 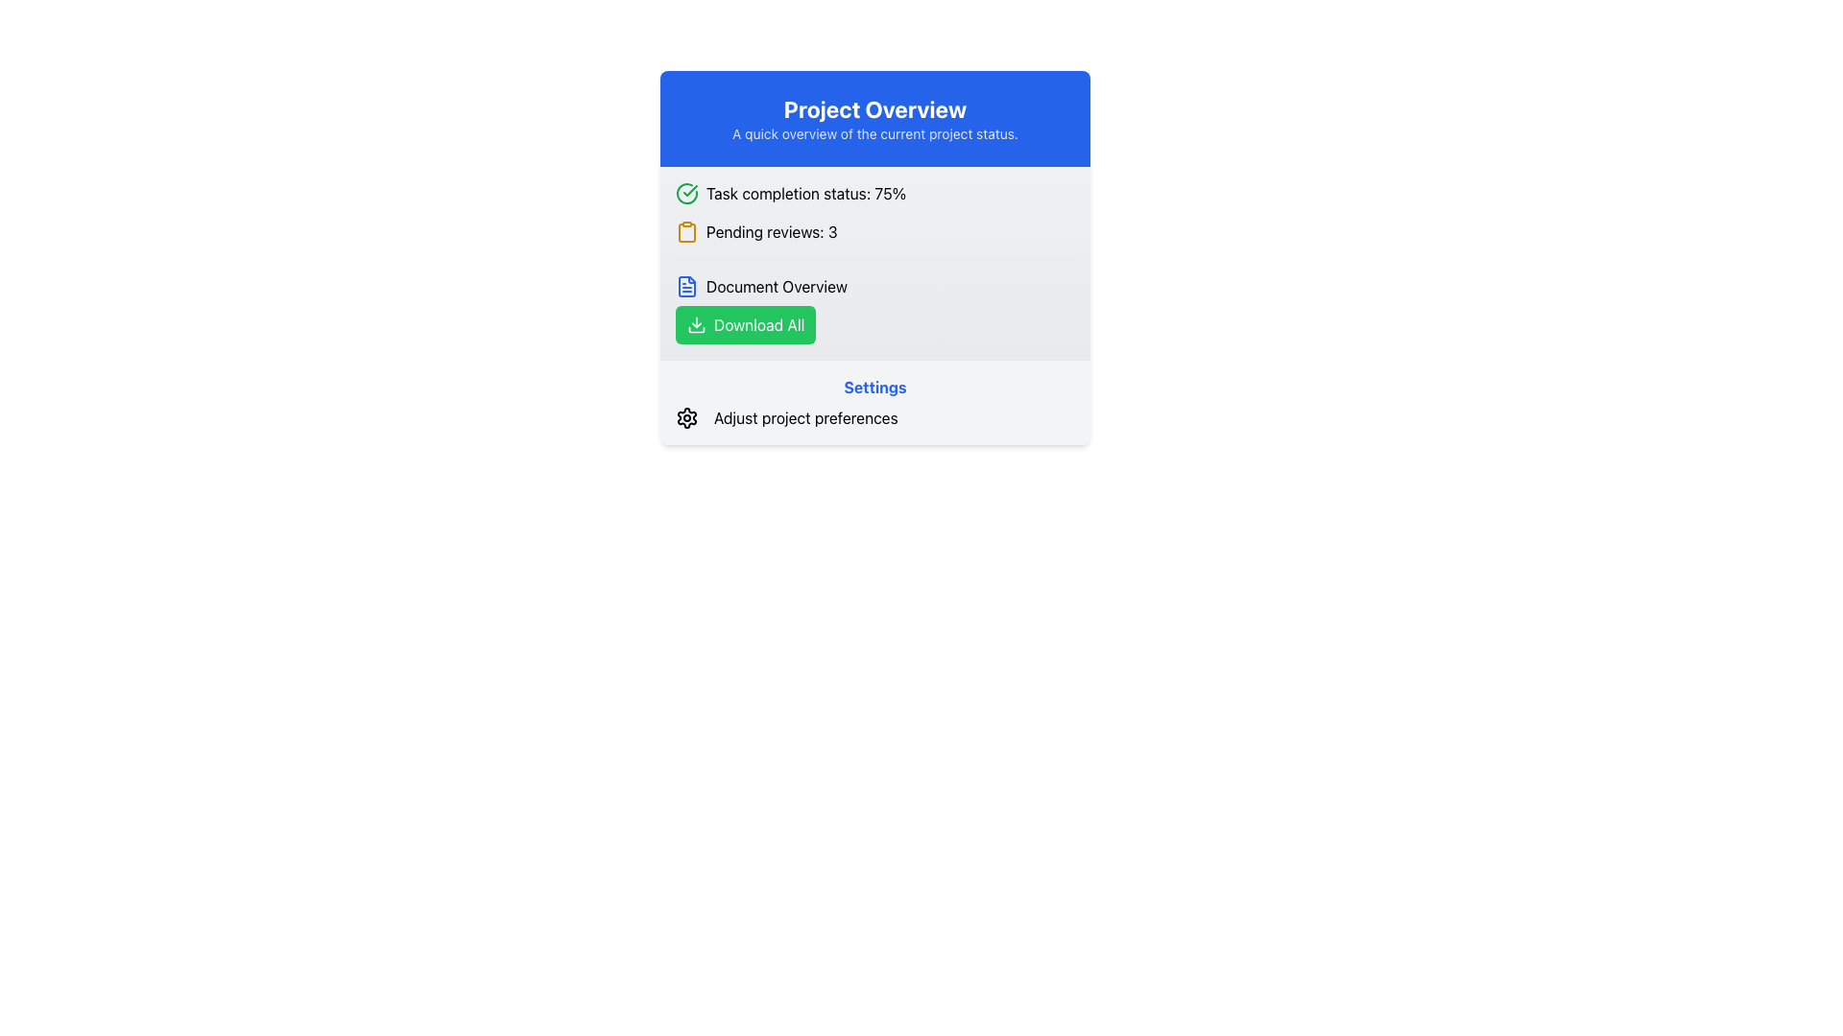 What do you see at coordinates (874, 416) in the screenshot?
I see `the text label 'Adjust project preferences' which is accompanied by a gear icon, located within the 'Settings' section at the bottom of a card` at bounding box center [874, 416].